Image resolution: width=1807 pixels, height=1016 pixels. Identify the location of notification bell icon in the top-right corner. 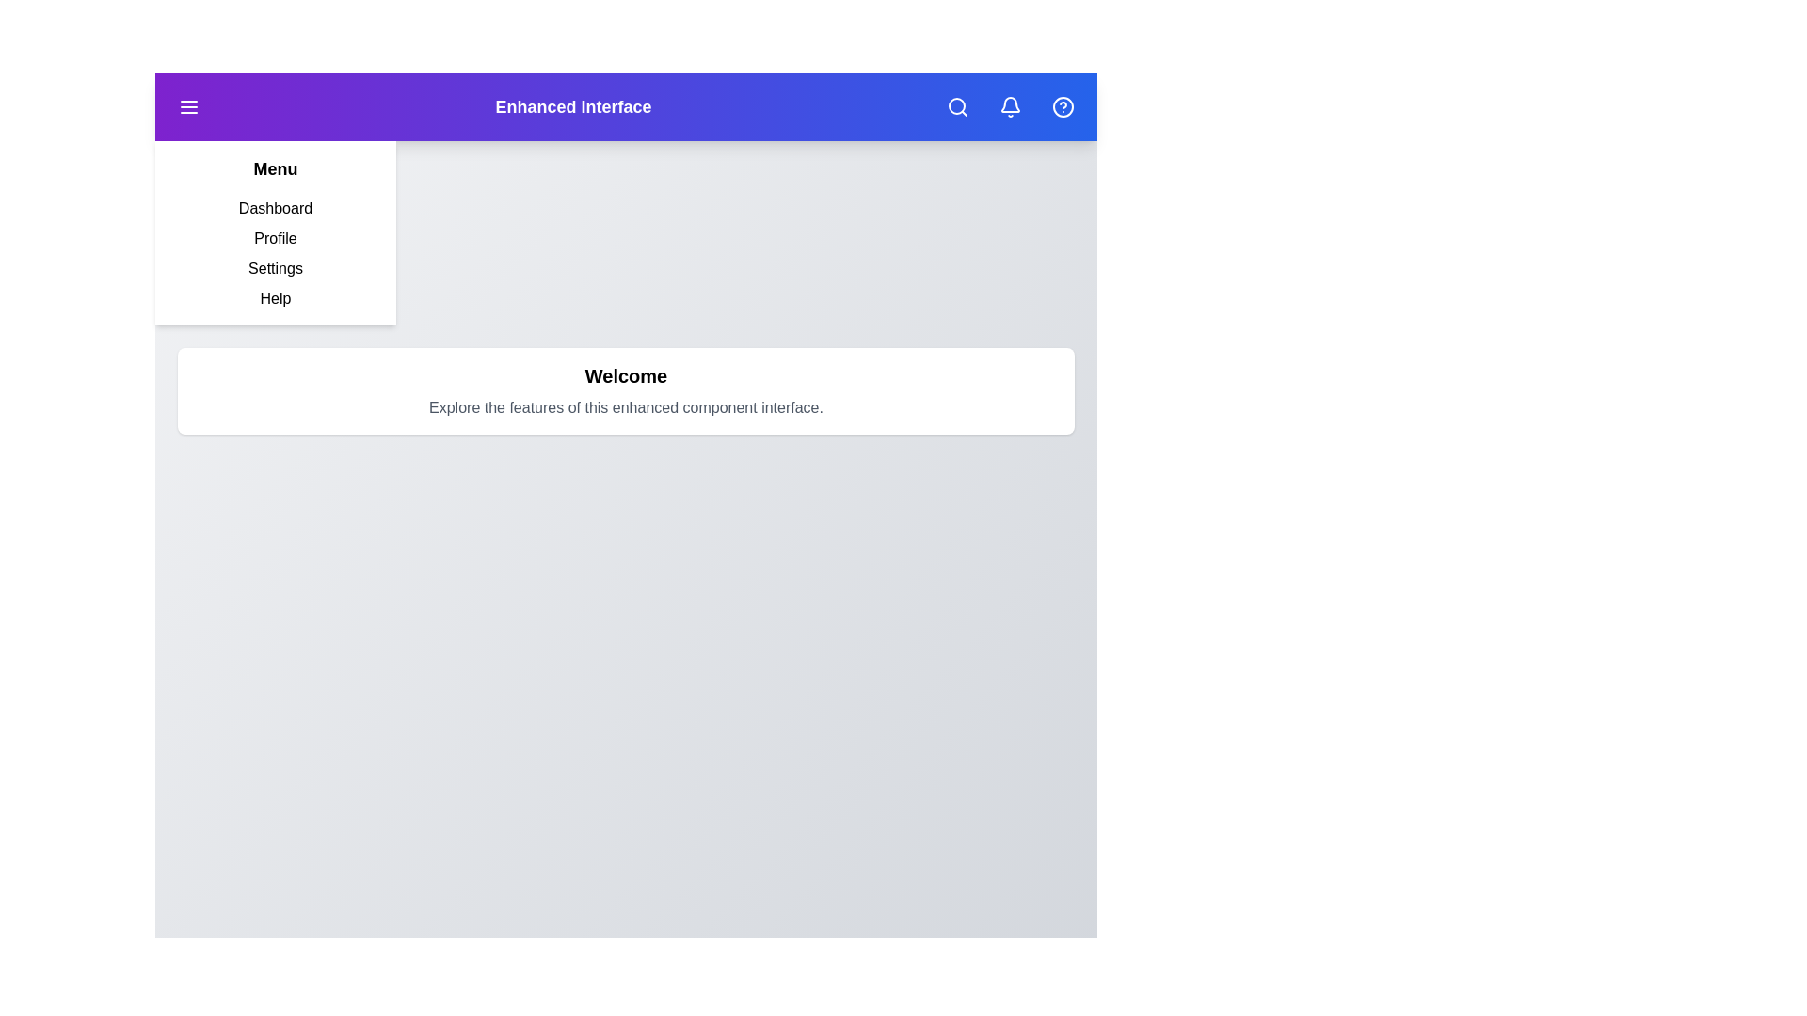
(1010, 107).